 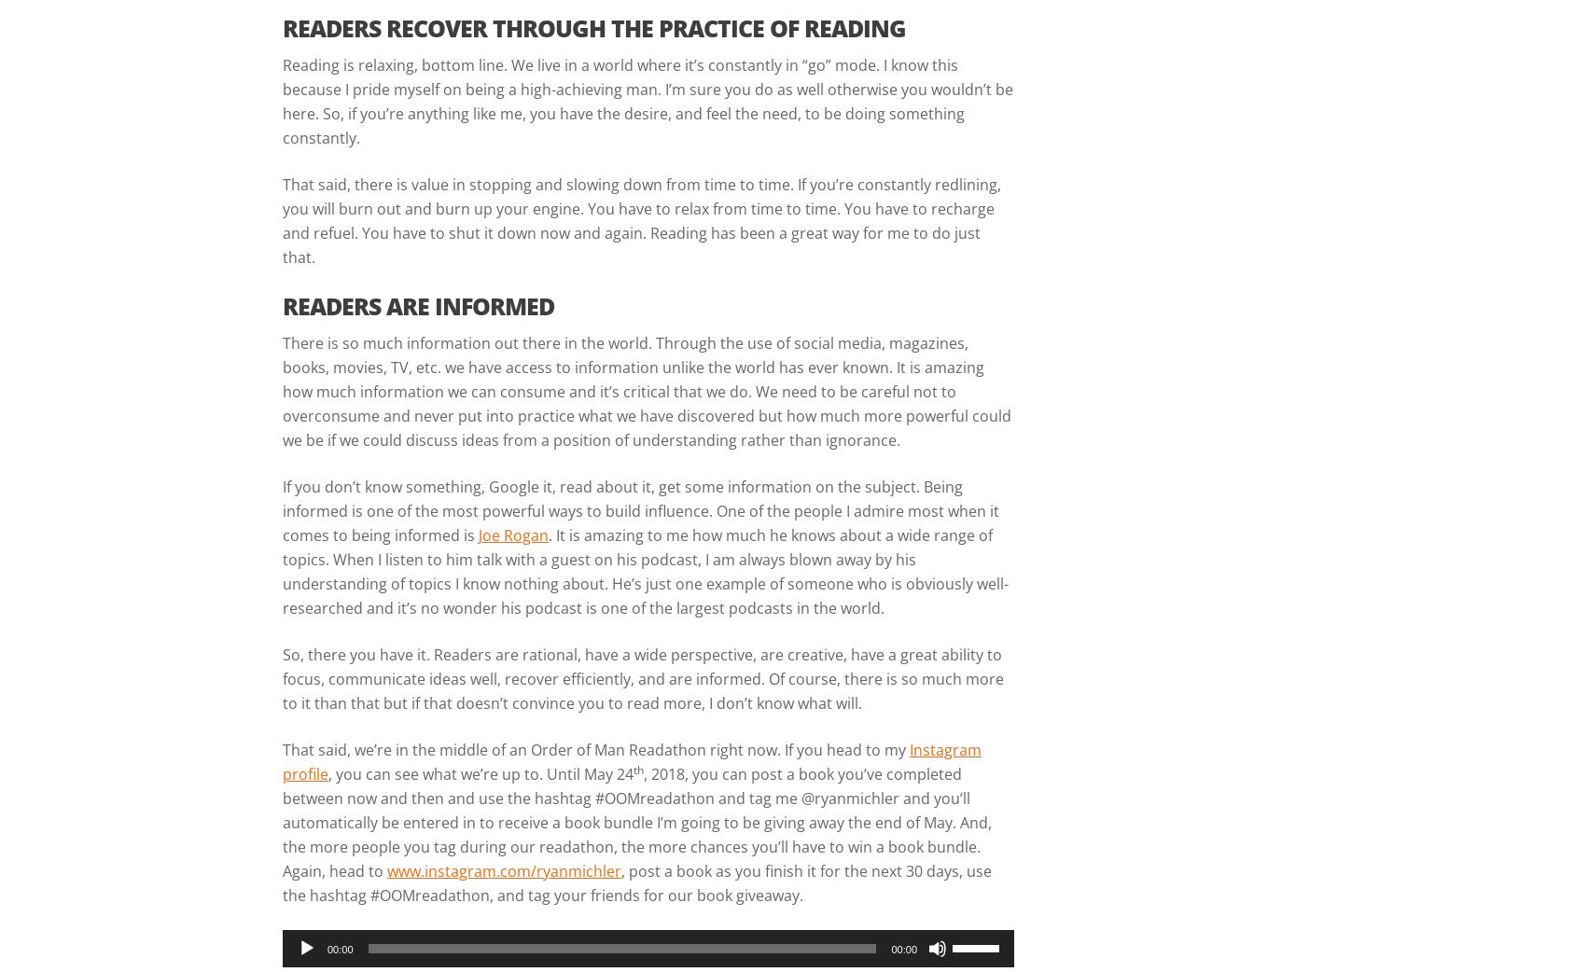 What do you see at coordinates (282, 100) in the screenshot?
I see `'Reading is relaxing, bottom line. We live in a world where it’s constantly in “go” mode. I know this because I pride myself on being a high-achieving man. I’m sure you do as well otherwise you wouldn’t be here. So, if you’re anything like me, you have the desire, and feel the need, to be doing something constantly.'` at bounding box center [282, 100].